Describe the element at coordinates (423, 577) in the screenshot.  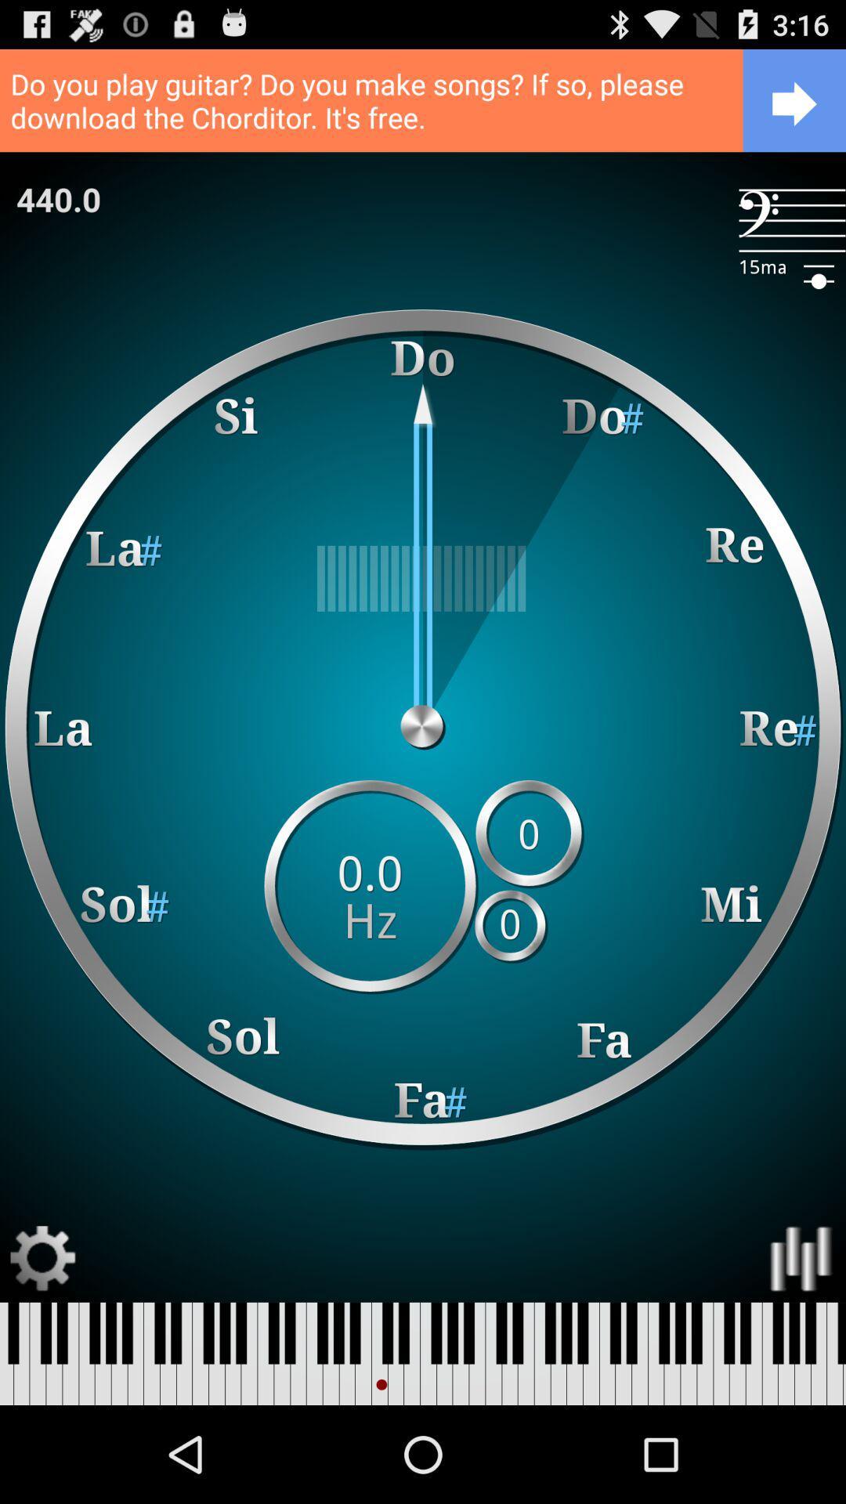
I see `icon below c a r app` at that location.